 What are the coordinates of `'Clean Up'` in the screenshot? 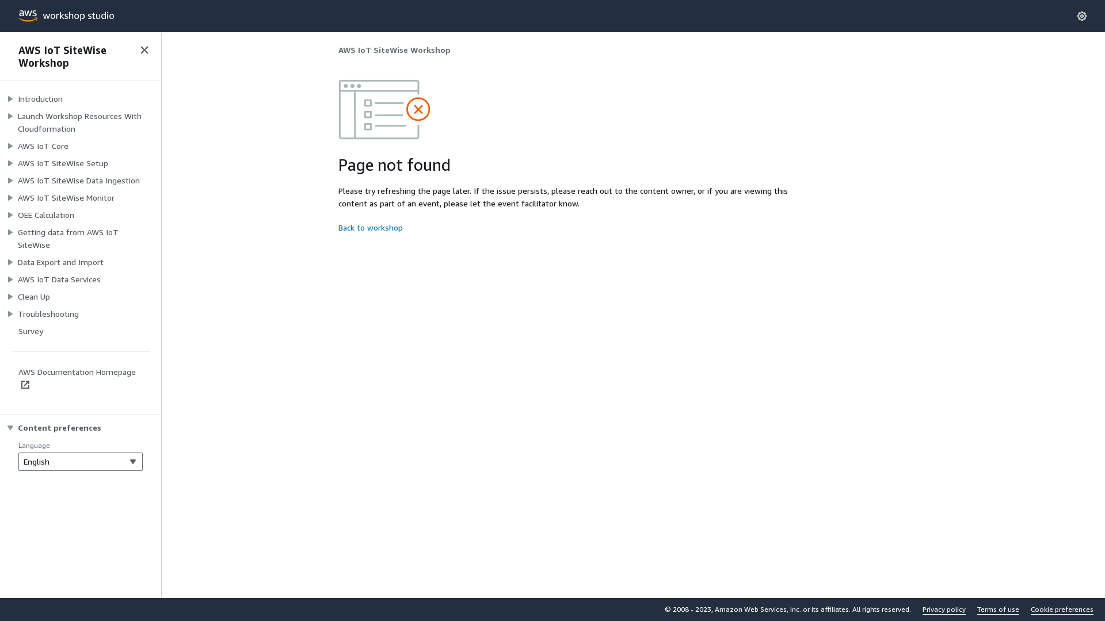 It's located at (33, 296).